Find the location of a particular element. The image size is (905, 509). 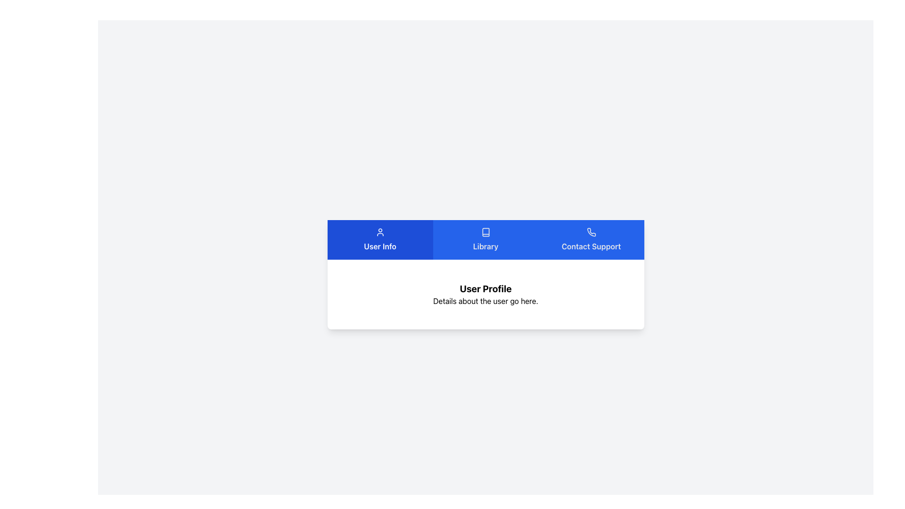

the 'Contact Support' button with a telephone icon in the top navigation bar is located at coordinates (591, 239).